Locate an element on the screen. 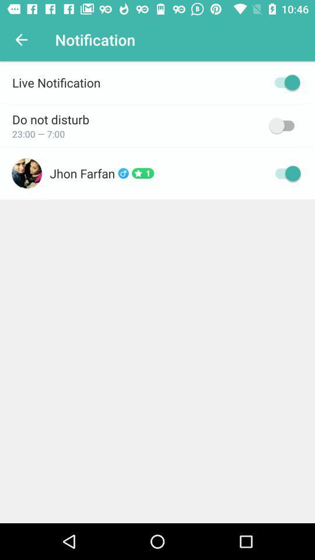  icon next to the notification icon is located at coordinates (21, 40).